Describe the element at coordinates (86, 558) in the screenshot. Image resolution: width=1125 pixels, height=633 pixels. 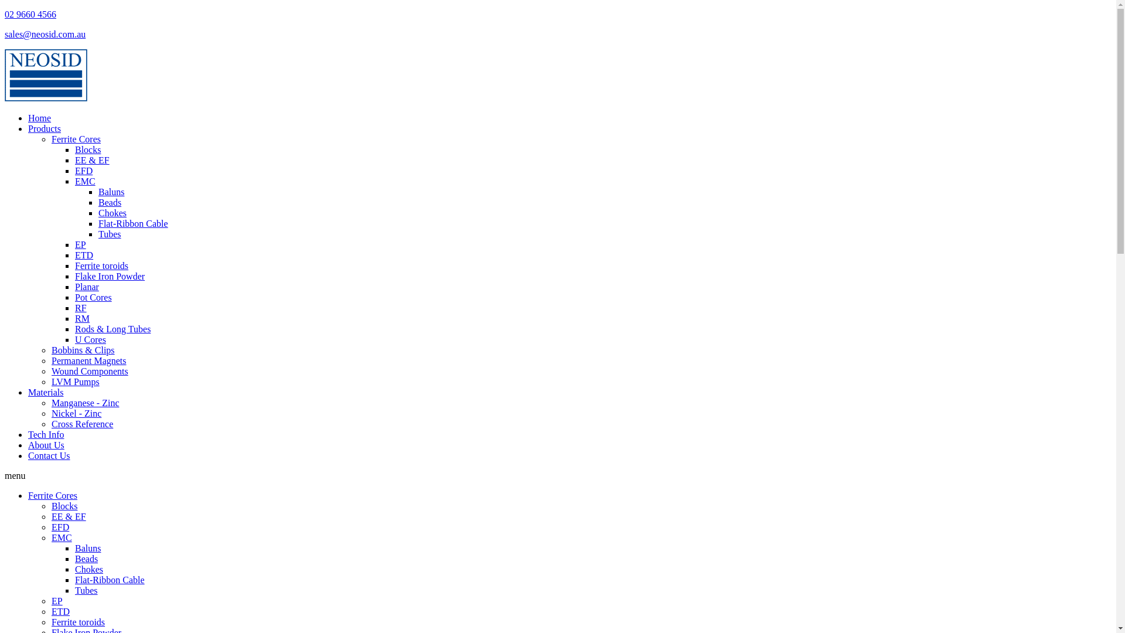
I see `'Beads'` at that location.